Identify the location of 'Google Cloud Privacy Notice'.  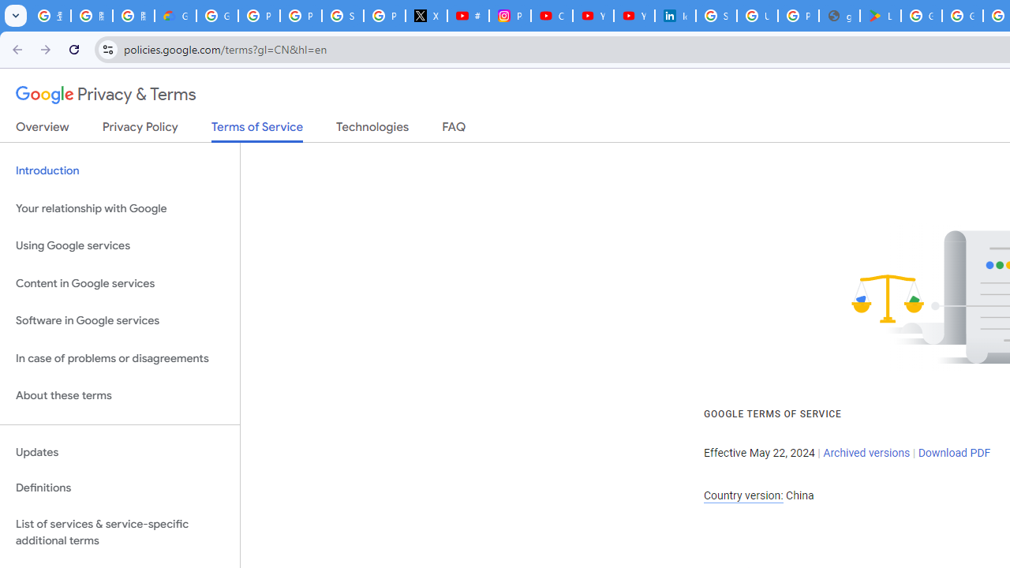
(175, 16).